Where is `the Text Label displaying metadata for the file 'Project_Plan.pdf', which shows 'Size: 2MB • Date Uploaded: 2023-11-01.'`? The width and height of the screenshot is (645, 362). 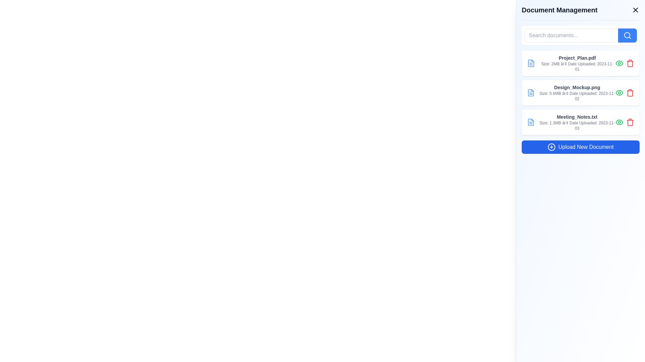 the Text Label displaying metadata for the file 'Project_Plan.pdf', which shows 'Size: 2MB • Date Uploaded: 2023-11-01.' is located at coordinates (577, 67).